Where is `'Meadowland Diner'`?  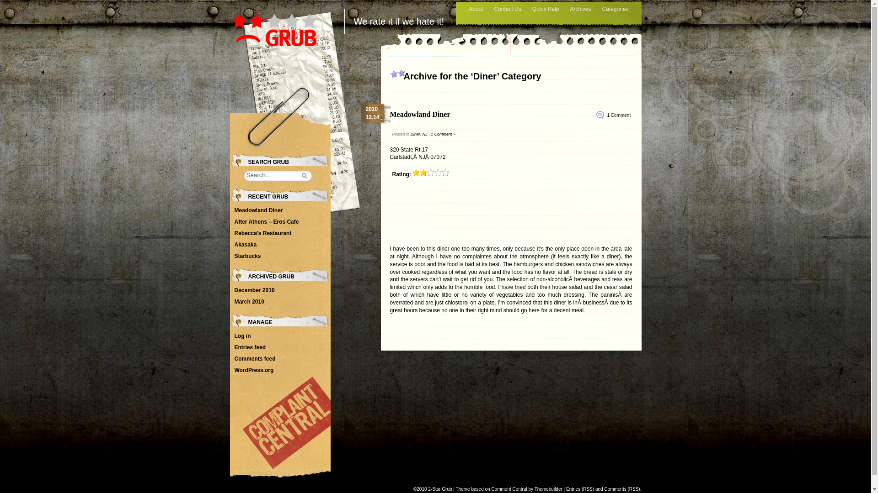
'Meadowland Diner' is located at coordinates (258, 210).